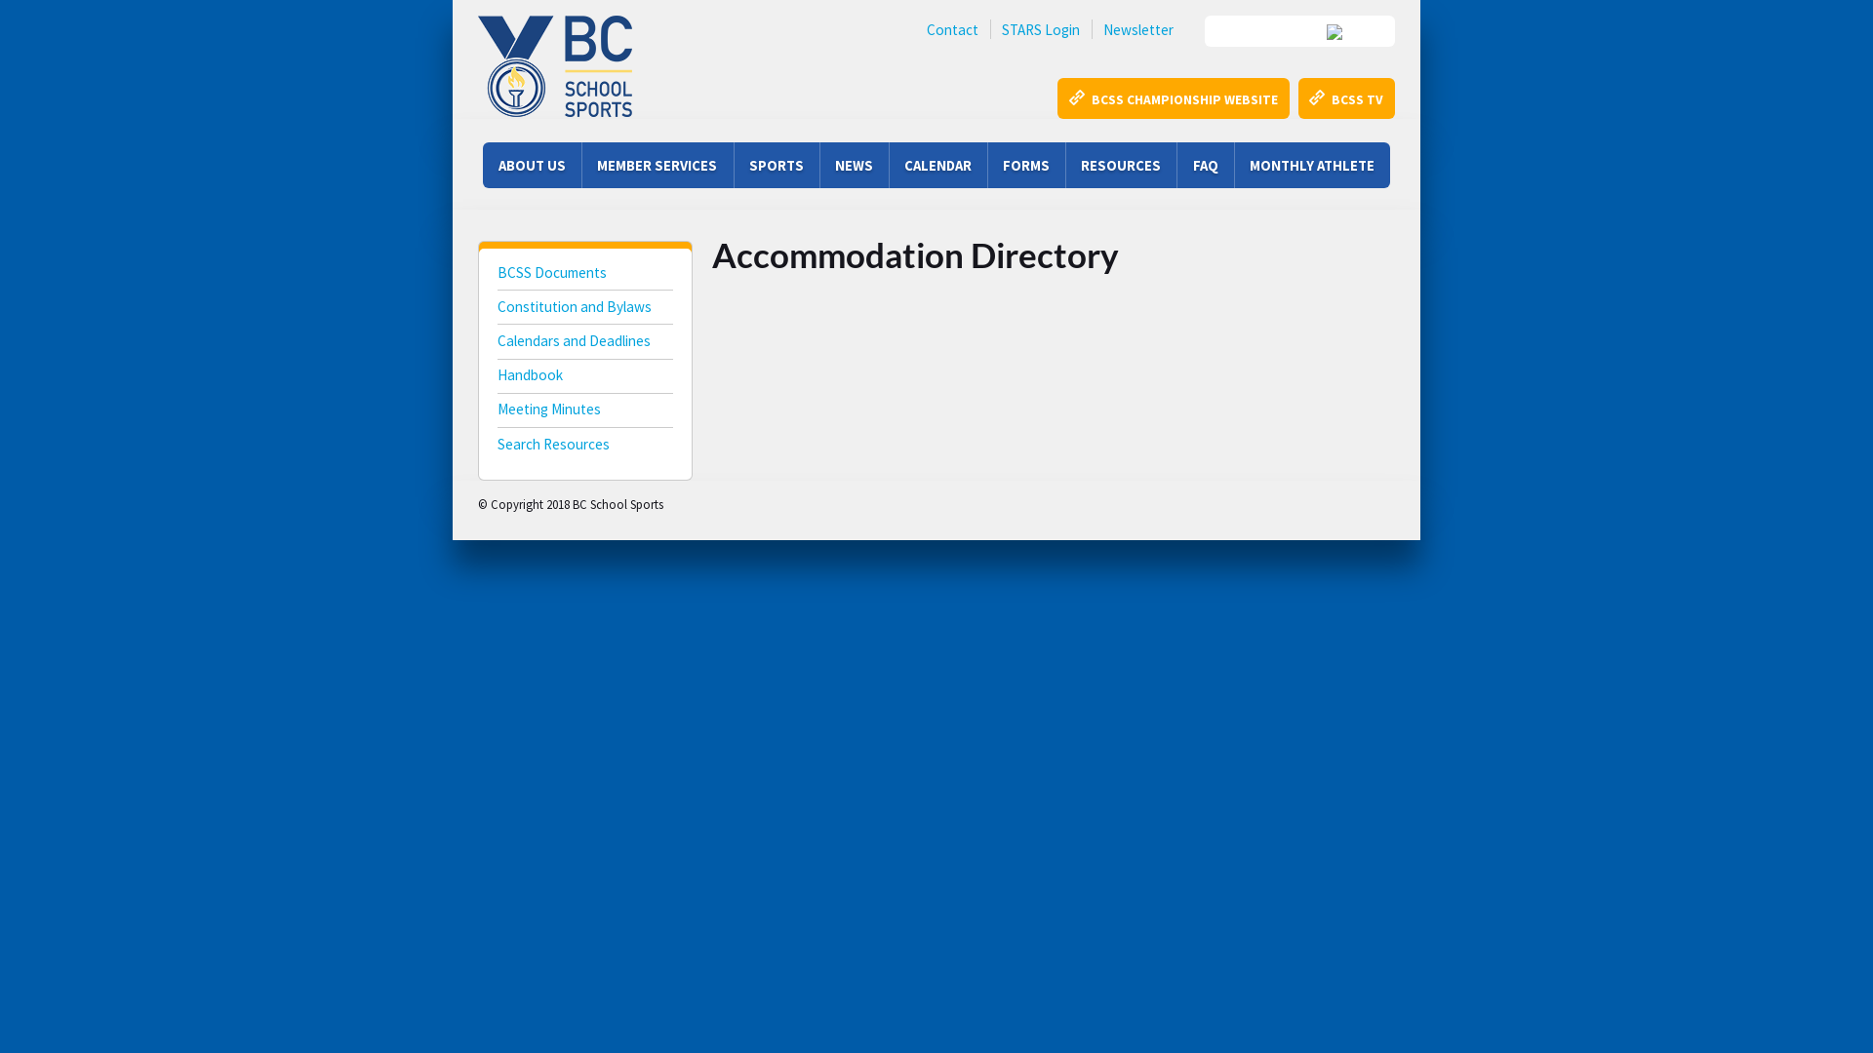  Describe the element at coordinates (1299, 30) in the screenshot. I see `'Enter the terms you wish to search for.'` at that location.